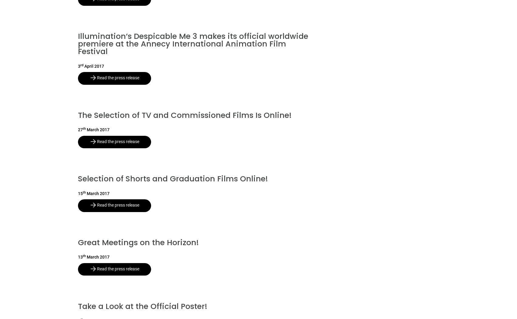 Image resolution: width=517 pixels, height=319 pixels. What do you see at coordinates (77, 242) in the screenshot?
I see `'Great Meetings on the Horizon!'` at bounding box center [77, 242].